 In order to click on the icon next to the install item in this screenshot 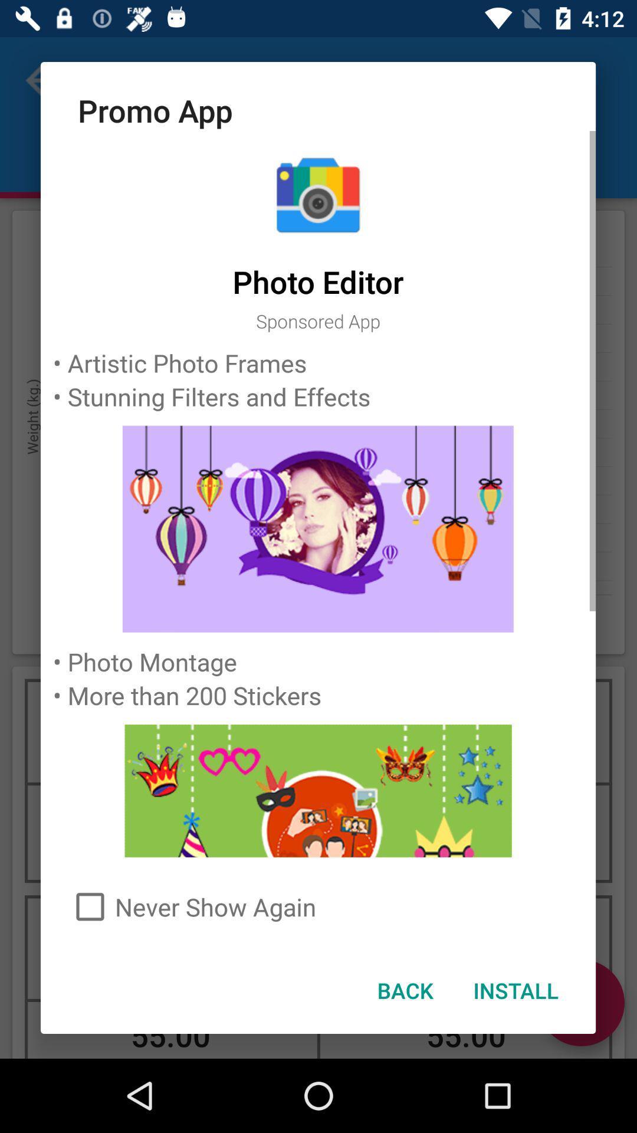, I will do `click(404, 990)`.